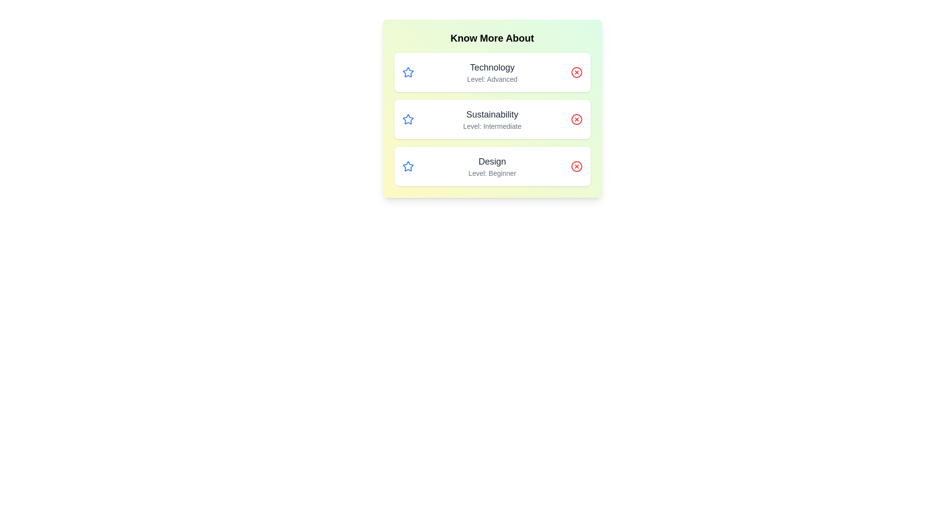  What do you see at coordinates (492, 72) in the screenshot?
I see `the list item corresponding to Technology` at bounding box center [492, 72].